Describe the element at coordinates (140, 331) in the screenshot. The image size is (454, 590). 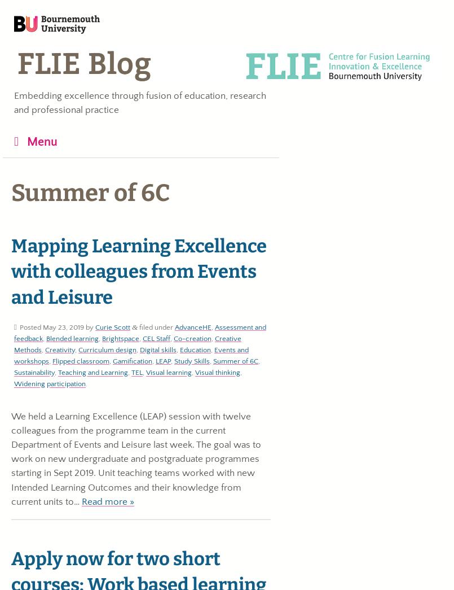
I see `'Assessment and feedback'` at that location.